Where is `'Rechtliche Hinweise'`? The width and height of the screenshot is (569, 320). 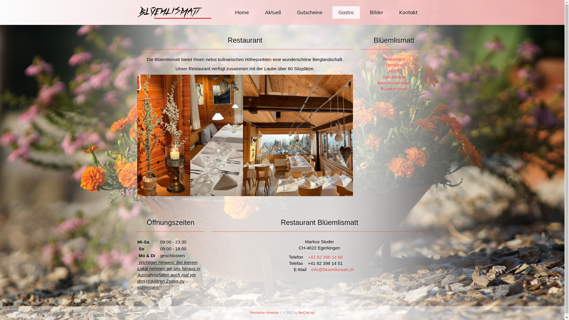 'Rechtliche Hinweise' is located at coordinates (264, 312).